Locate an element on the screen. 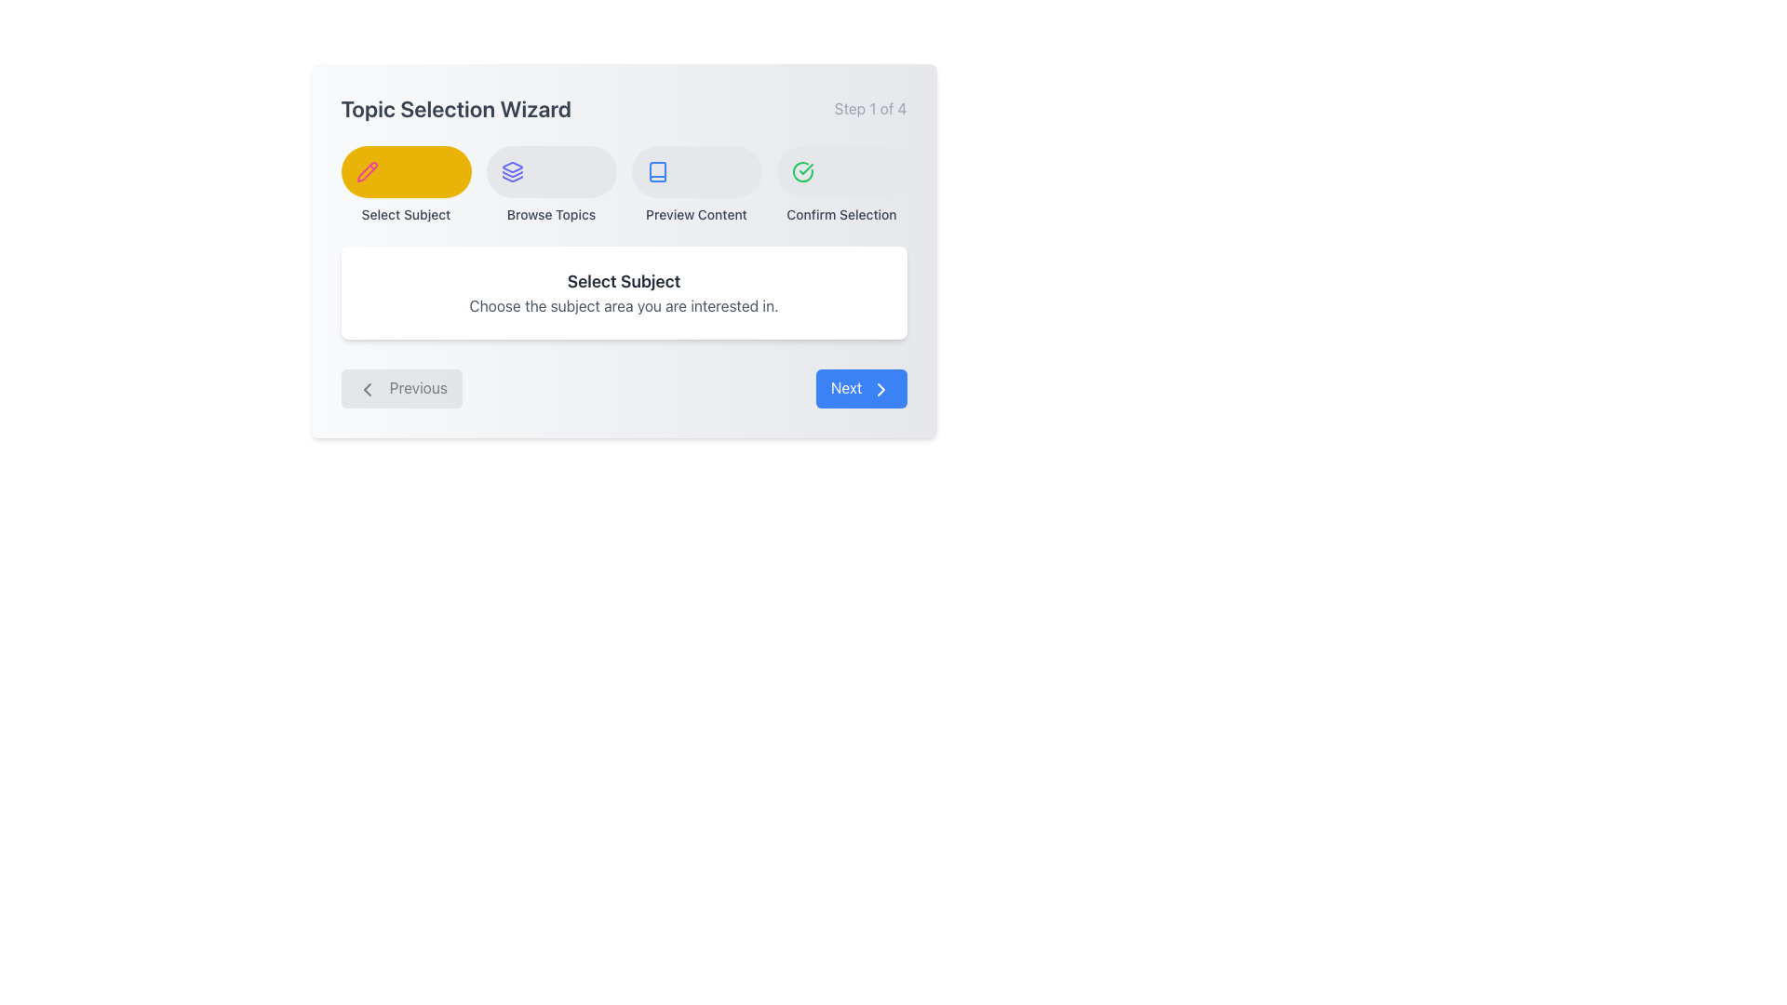  the text element indicating the current step in the 'Topic Selection Wizard', located to the far-right of the header is located at coordinates (869, 108).